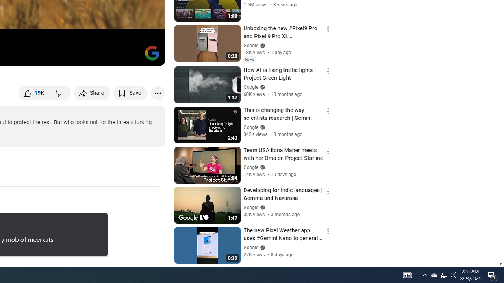  What do you see at coordinates (150, 55) in the screenshot?
I see `'Full screen (f)'` at bounding box center [150, 55].